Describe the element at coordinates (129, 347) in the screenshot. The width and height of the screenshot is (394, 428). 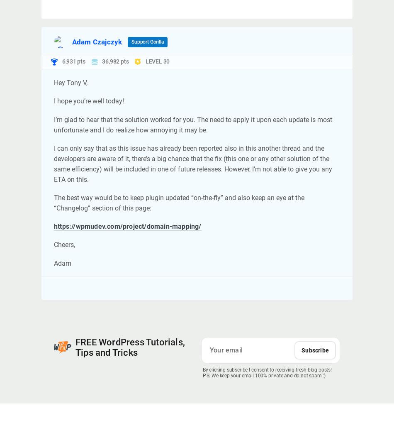
I see `'FREE WordPress Tutorials, Tips and Tricks'` at that location.